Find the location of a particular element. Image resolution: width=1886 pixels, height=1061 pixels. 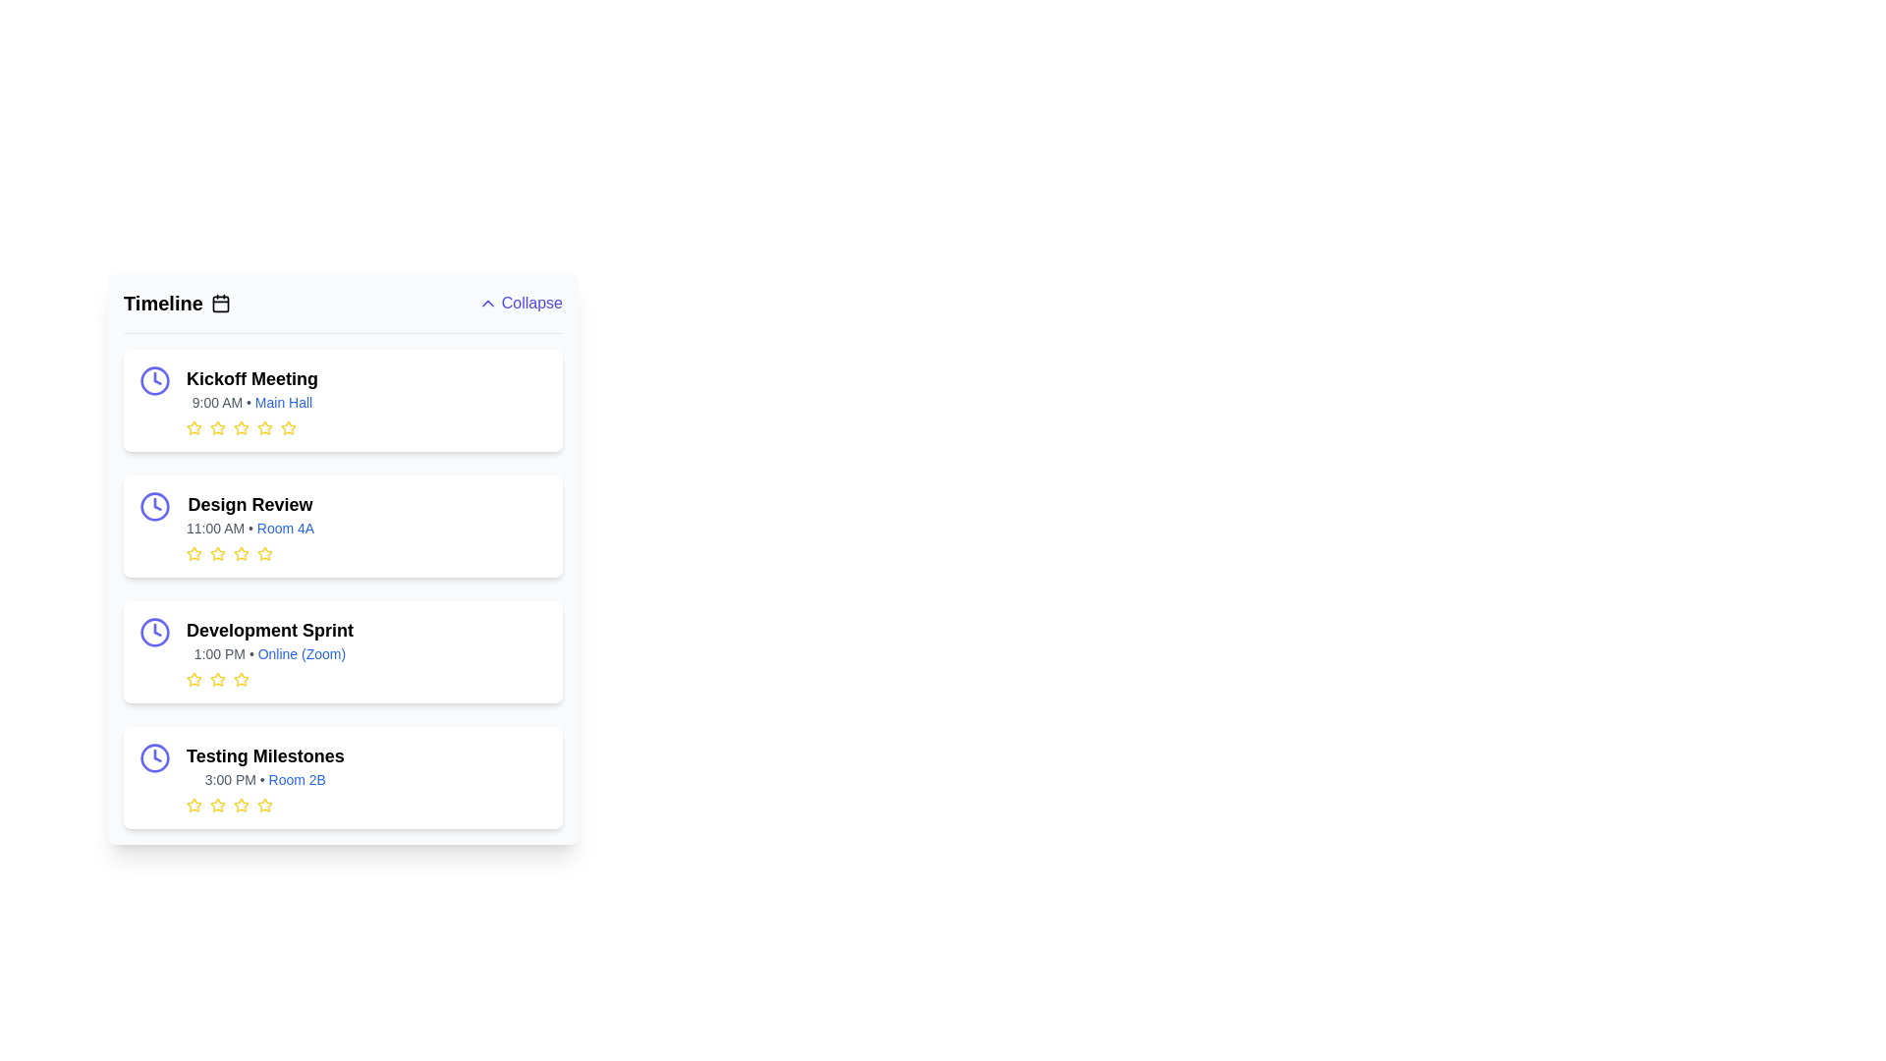

text from the static label indicating that the event takes place online via Zoom, located next to the time '1:00 PM' in the third item of the timeline list is located at coordinates (301, 654).